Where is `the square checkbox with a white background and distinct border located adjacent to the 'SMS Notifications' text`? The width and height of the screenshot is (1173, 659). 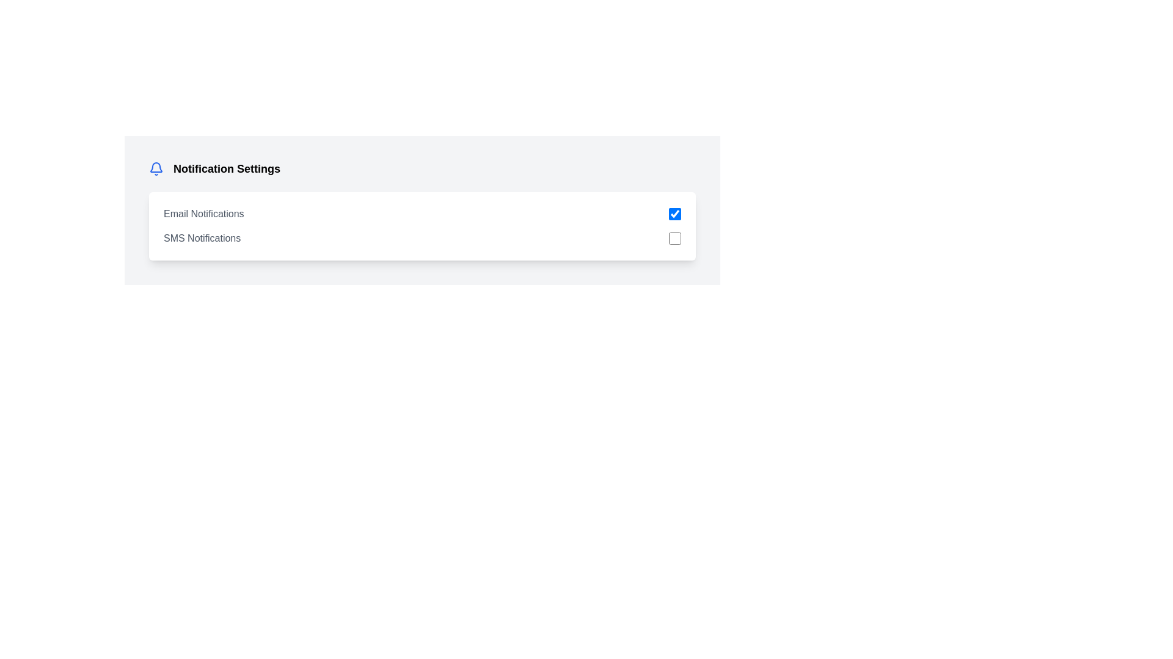 the square checkbox with a white background and distinct border located adjacent to the 'SMS Notifications' text is located at coordinates (674, 238).